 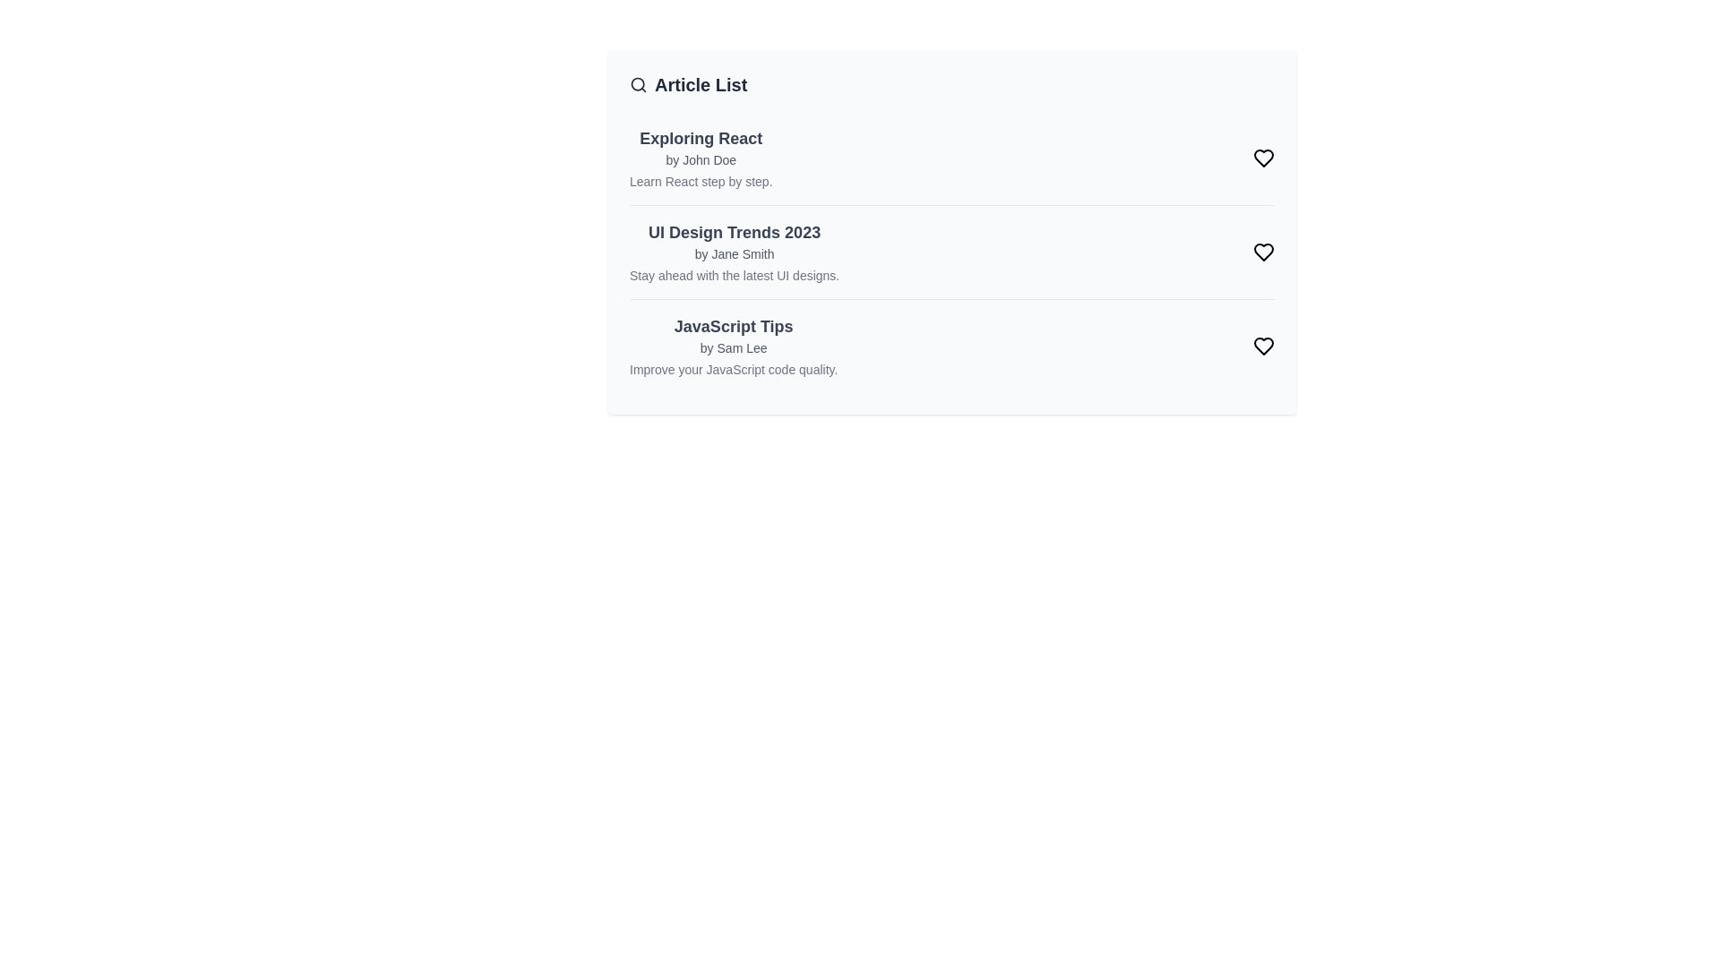 What do you see at coordinates (700, 137) in the screenshot?
I see `the article titled Exploring React to read its title and snippet` at bounding box center [700, 137].